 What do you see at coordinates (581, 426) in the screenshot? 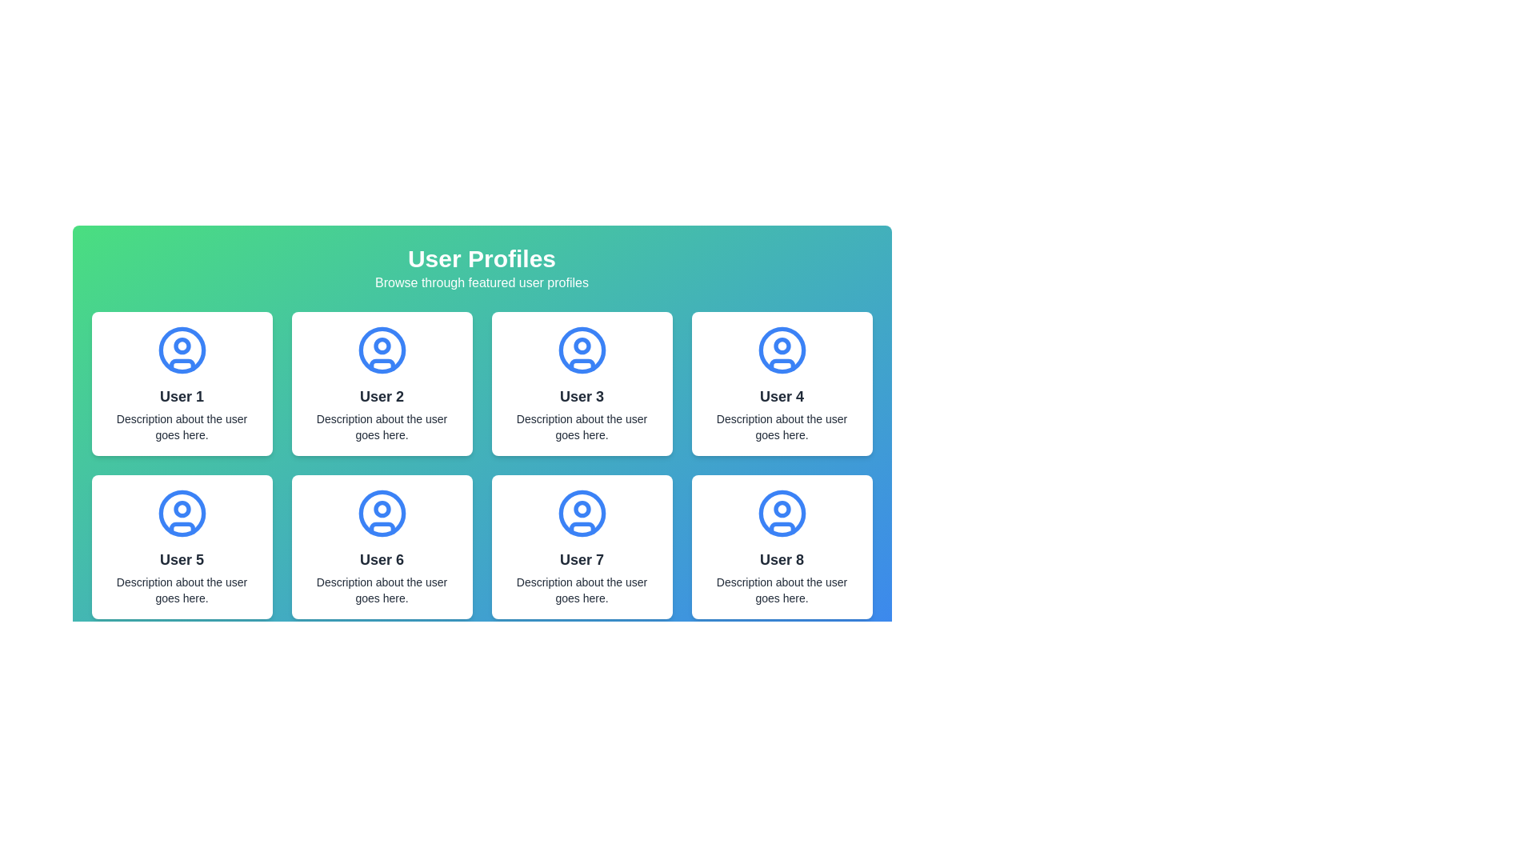
I see `the text label that contains the content 'Description about the user goes here.' which is styled as a smaller caption-like font and is located beneath the name 'User 3'` at bounding box center [581, 426].